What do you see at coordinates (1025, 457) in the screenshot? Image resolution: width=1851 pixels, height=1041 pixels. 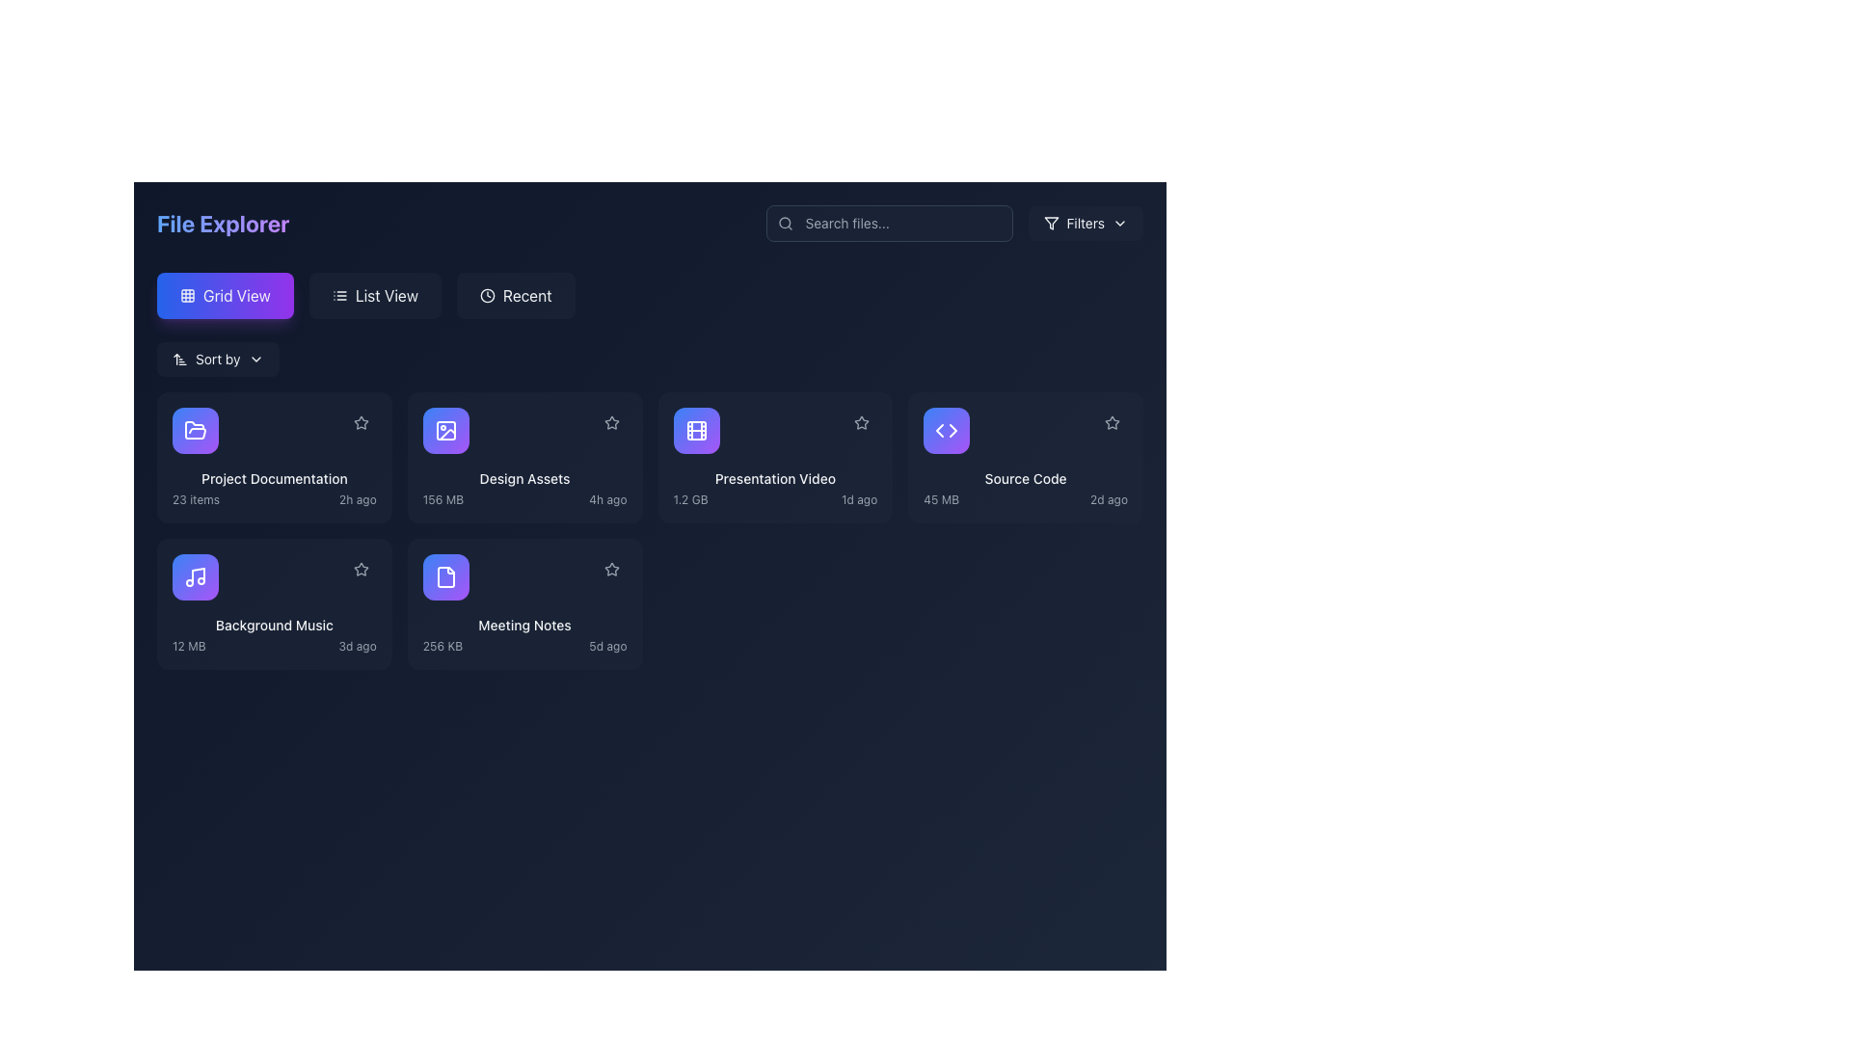 I see `the 'Source Code' interactive card located` at bounding box center [1025, 457].